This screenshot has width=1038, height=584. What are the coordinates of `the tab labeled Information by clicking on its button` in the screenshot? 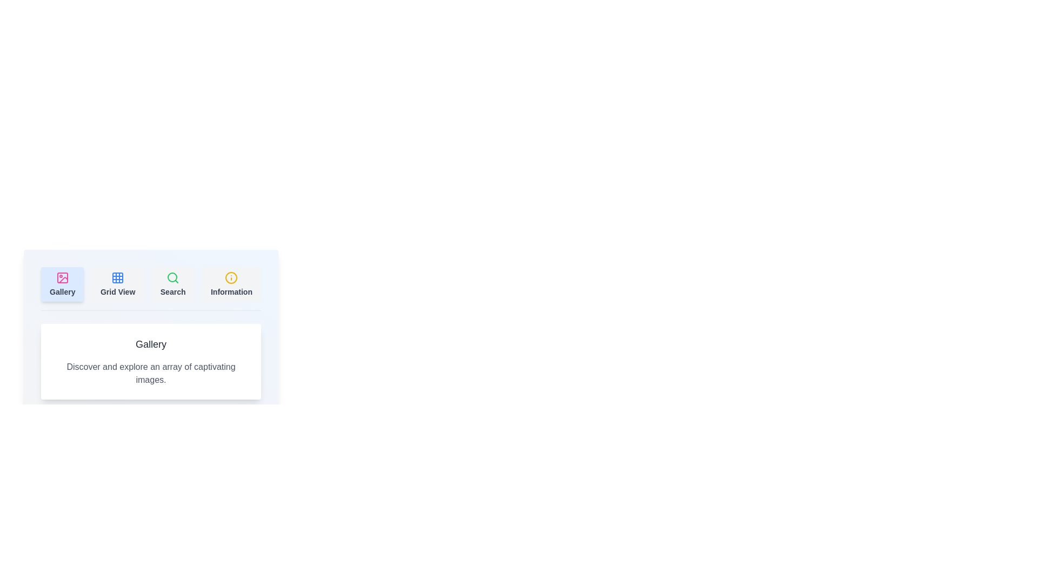 It's located at (231, 283).